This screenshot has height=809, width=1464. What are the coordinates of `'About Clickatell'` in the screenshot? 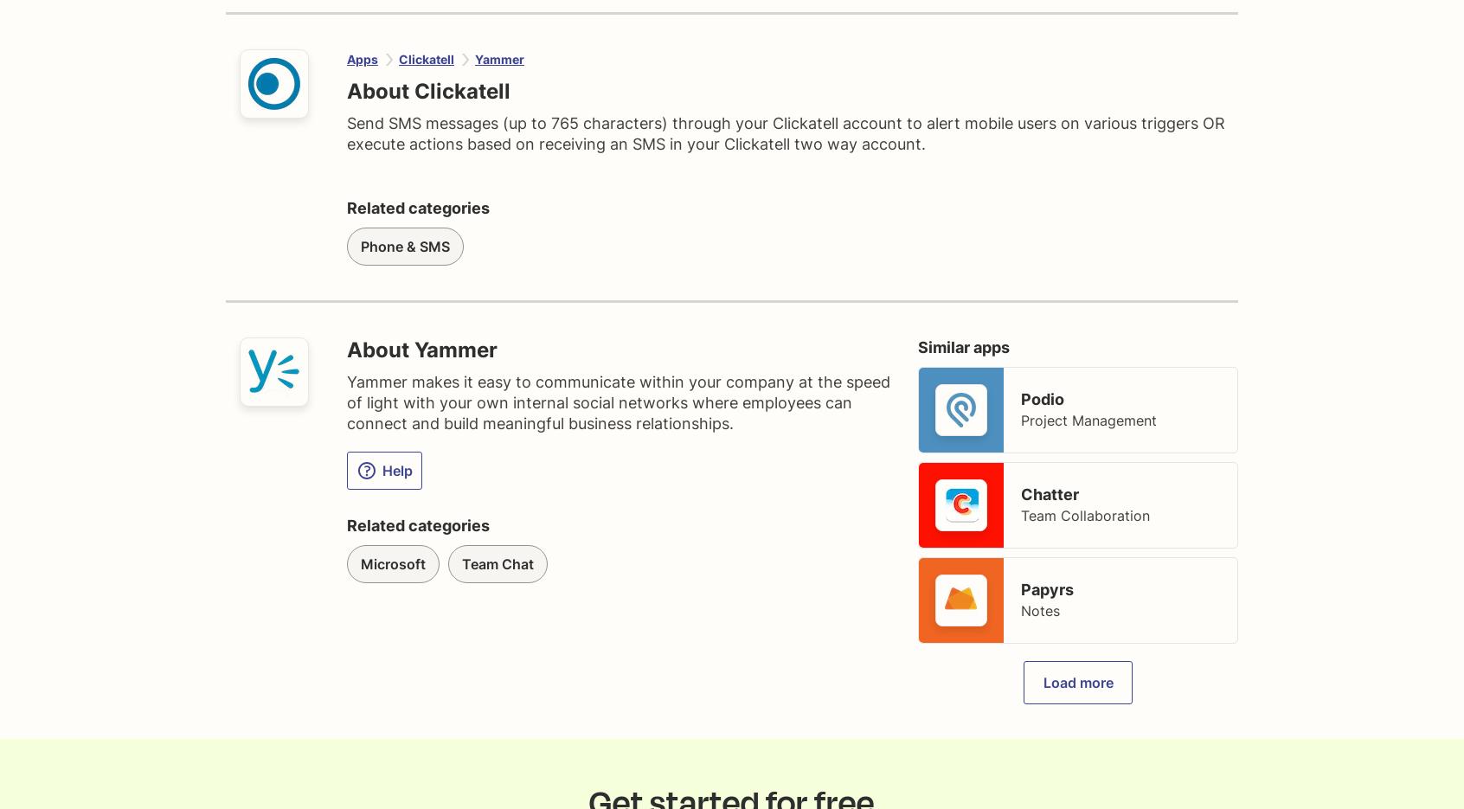 It's located at (428, 90).